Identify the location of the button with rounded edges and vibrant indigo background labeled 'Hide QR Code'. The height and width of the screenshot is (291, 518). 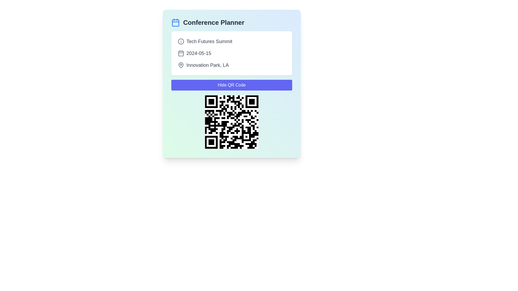
(232, 85).